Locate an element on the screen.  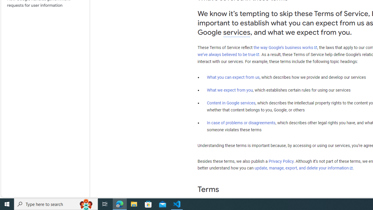
'Content in Google services' is located at coordinates (231, 103).